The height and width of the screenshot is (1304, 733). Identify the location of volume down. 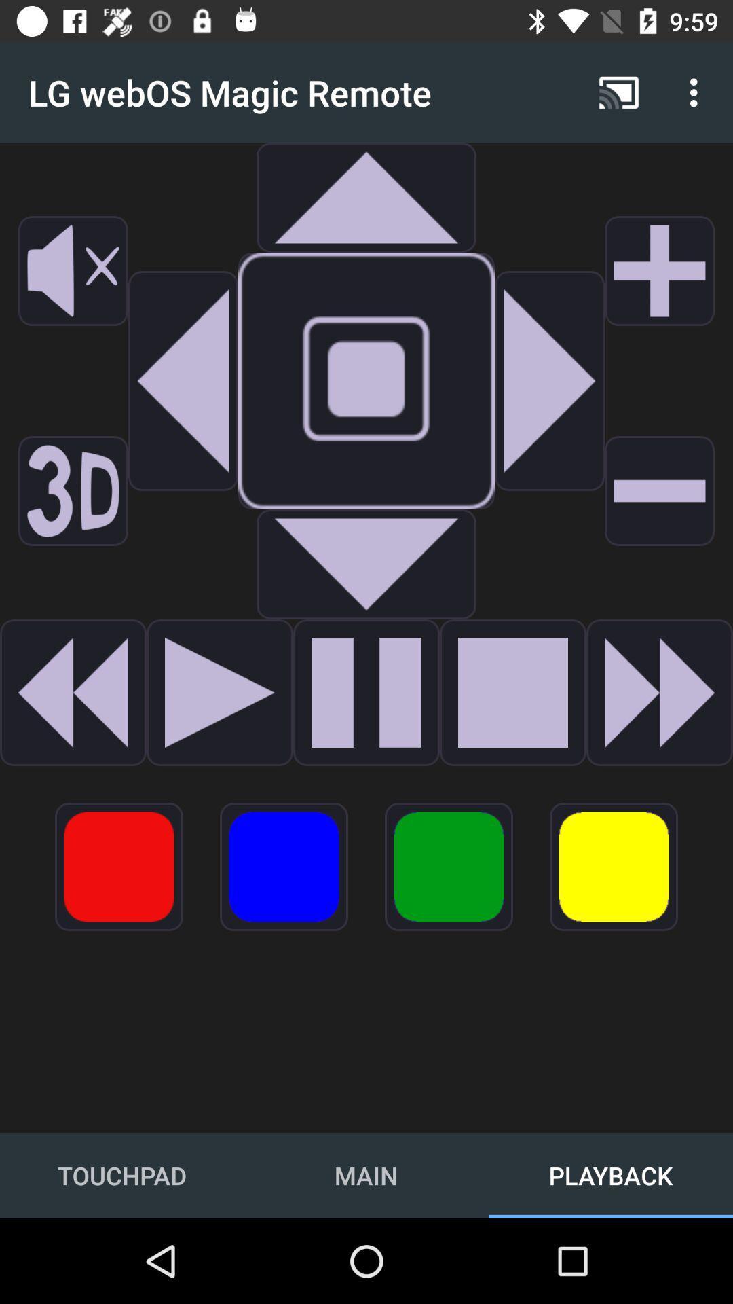
(659, 490).